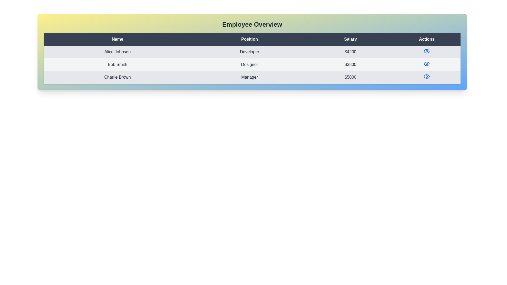 This screenshot has height=285, width=507. Describe the element at coordinates (117, 64) in the screenshot. I see `the text label displaying 'Bob Smith' located in the second data row of the table under the 'Name' column` at that location.